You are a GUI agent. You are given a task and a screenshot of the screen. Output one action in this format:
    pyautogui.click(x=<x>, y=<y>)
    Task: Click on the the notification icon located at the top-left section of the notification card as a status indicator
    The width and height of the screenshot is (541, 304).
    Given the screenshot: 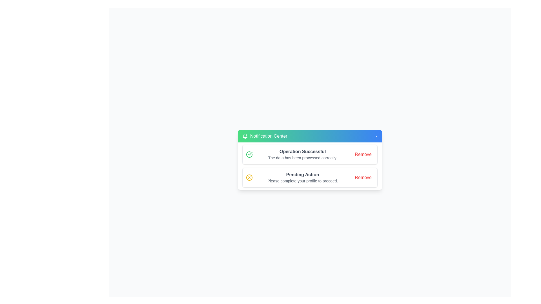 What is the action you would take?
    pyautogui.click(x=245, y=136)
    